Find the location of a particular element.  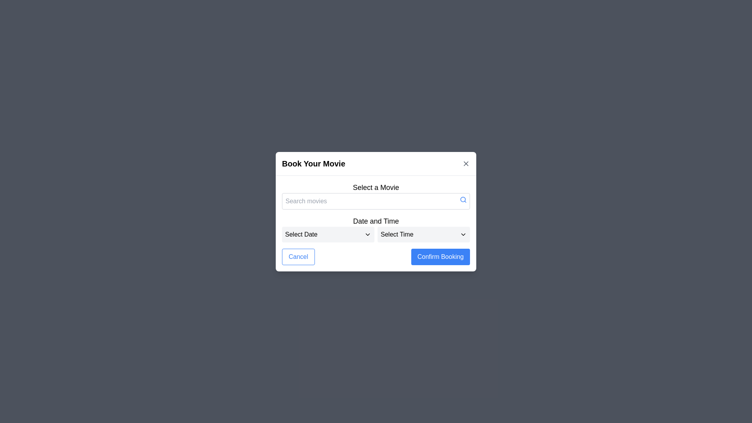

the static text label element that displays 'Date and Time', which is centered above the dropdown components for selecting a date and time is located at coordinates (376, 221).